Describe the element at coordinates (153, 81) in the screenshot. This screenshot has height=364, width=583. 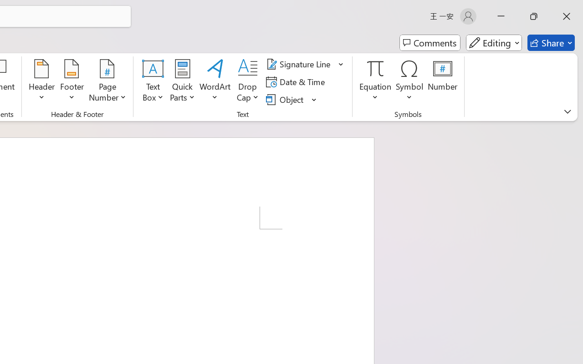
I see `'Text Box'` at that location.